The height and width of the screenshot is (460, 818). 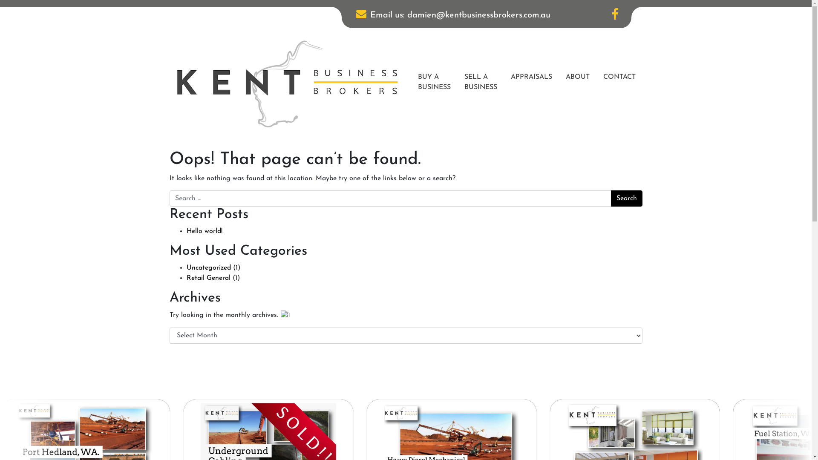 What do you see at coordinates (619, 77) in the screenshot?
I see `'CONTACT'` at bounding box center [619, 77].